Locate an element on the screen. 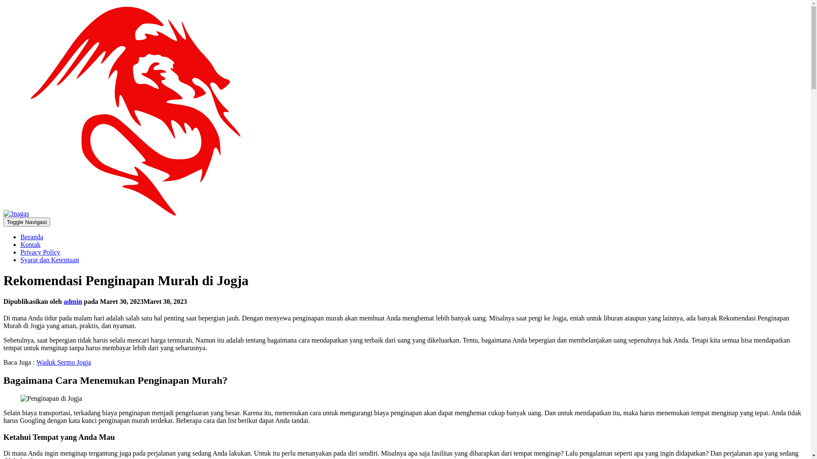 The image size is (817, 459). 'admin' is located at coordinates (63, 301).